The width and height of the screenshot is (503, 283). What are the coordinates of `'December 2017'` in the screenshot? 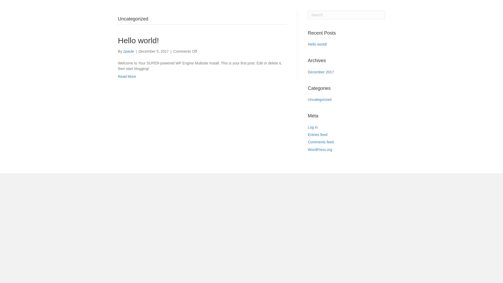 It's located at (320, 72).